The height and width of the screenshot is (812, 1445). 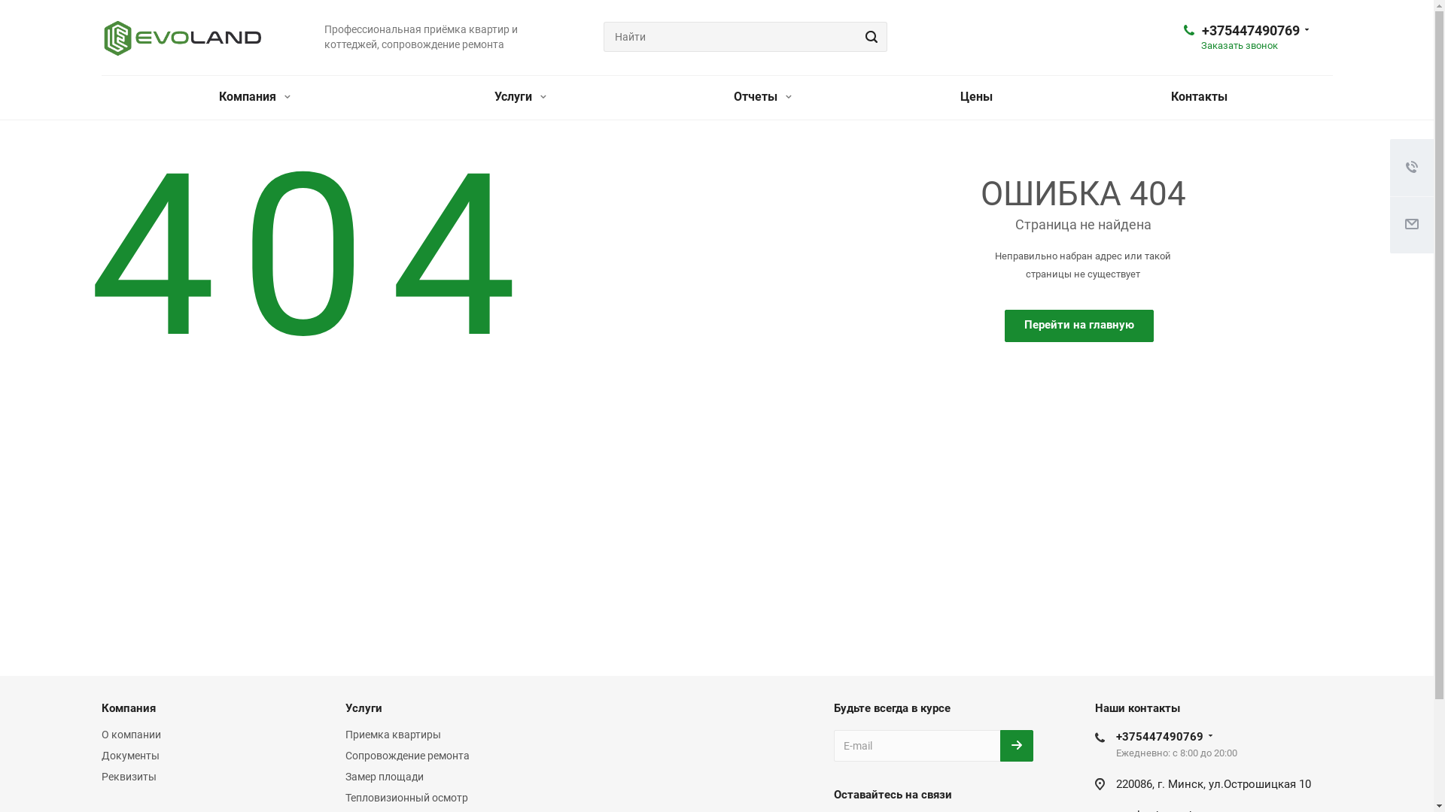 What do you see at coordinates (1158, 735) in the screenshot?
I see `'+375447490769'` at bounding box center [1158, 735].